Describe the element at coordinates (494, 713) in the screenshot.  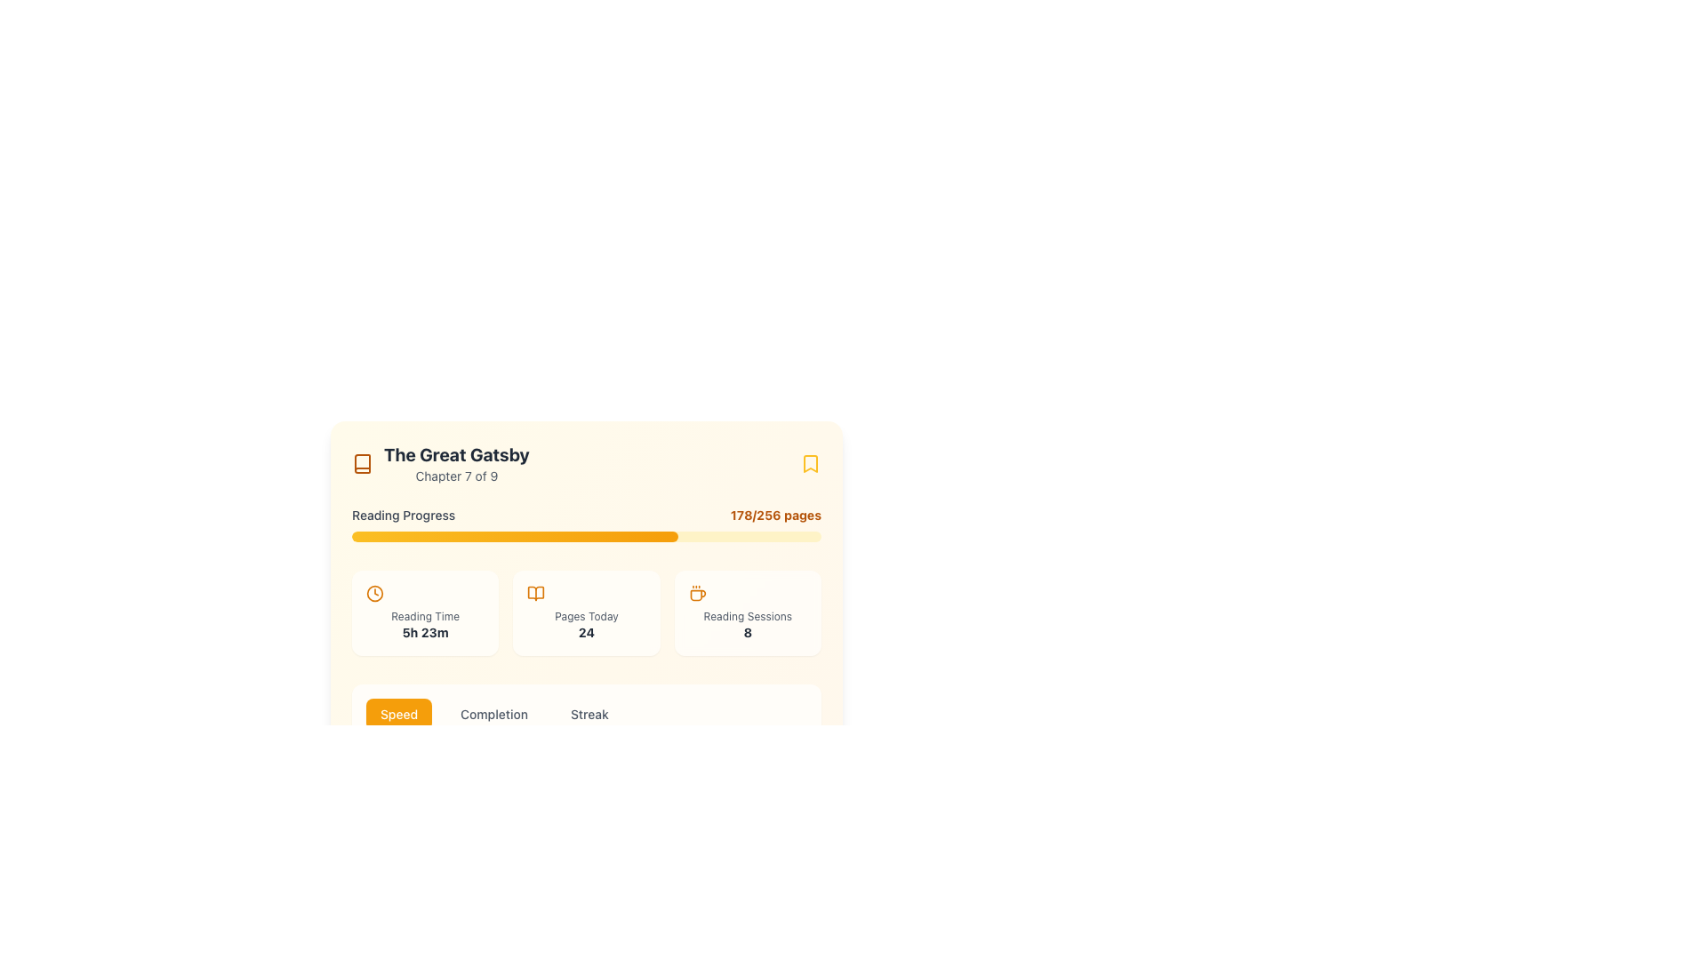
I see `the 'Completion' button, which is a text-based button with gray text and a rounded rectangle outline, located centrally between the 'Speed' and 'Streak' buttons` at that location.